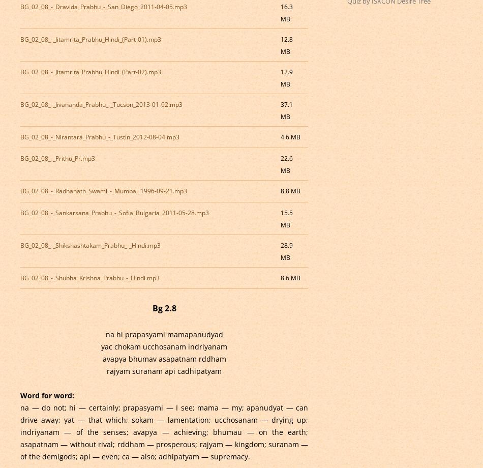  Describe the element at coordinates (99, 136) in the screenshot. I see `'BG_02_08_-_Nirantara_Prabhu_-_Tustin_2012-08-04.mp3'` at that location.